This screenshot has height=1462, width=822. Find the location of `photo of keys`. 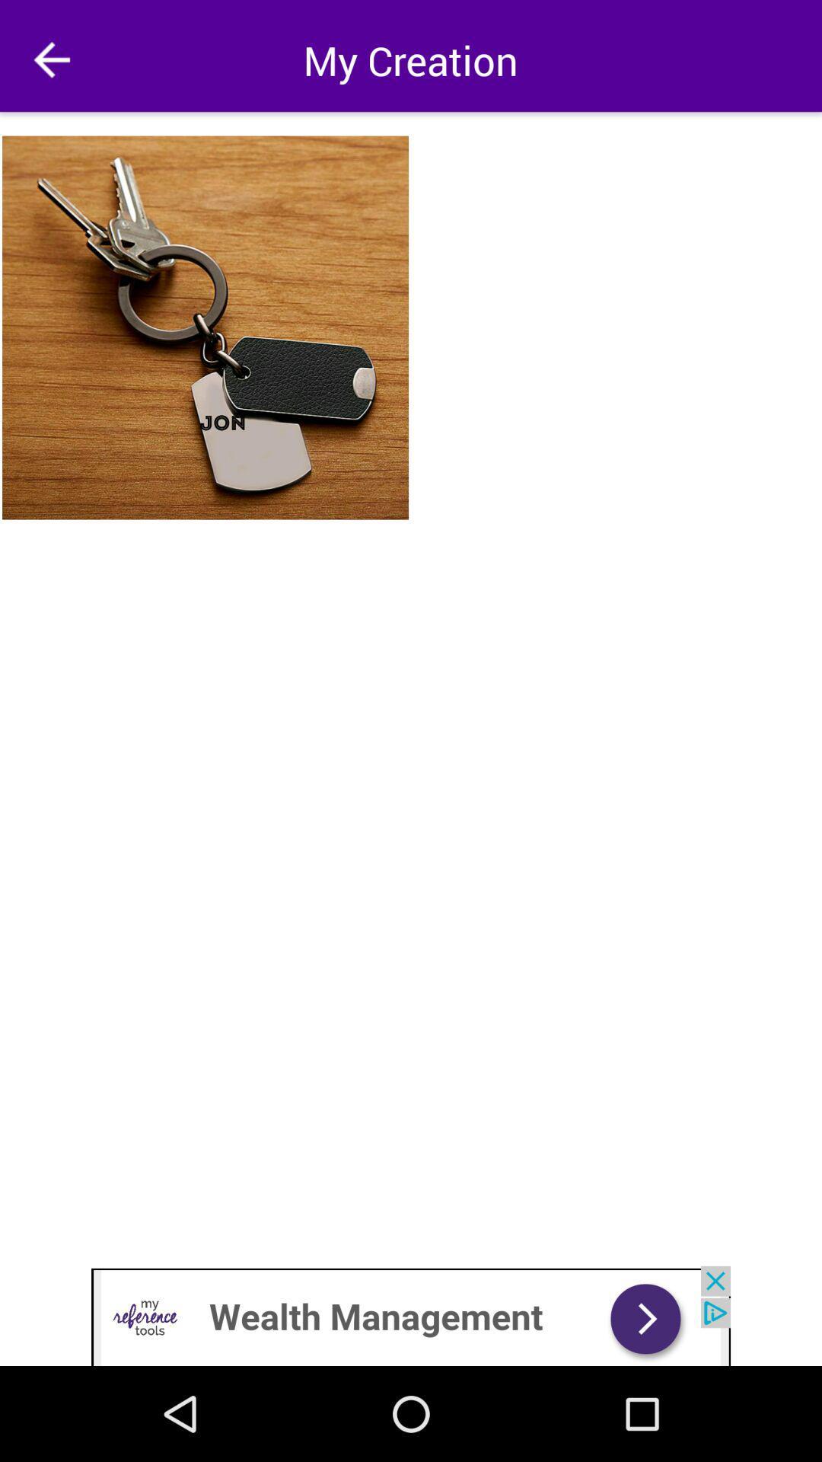

photo of keys is located at coordinates (206, 327).